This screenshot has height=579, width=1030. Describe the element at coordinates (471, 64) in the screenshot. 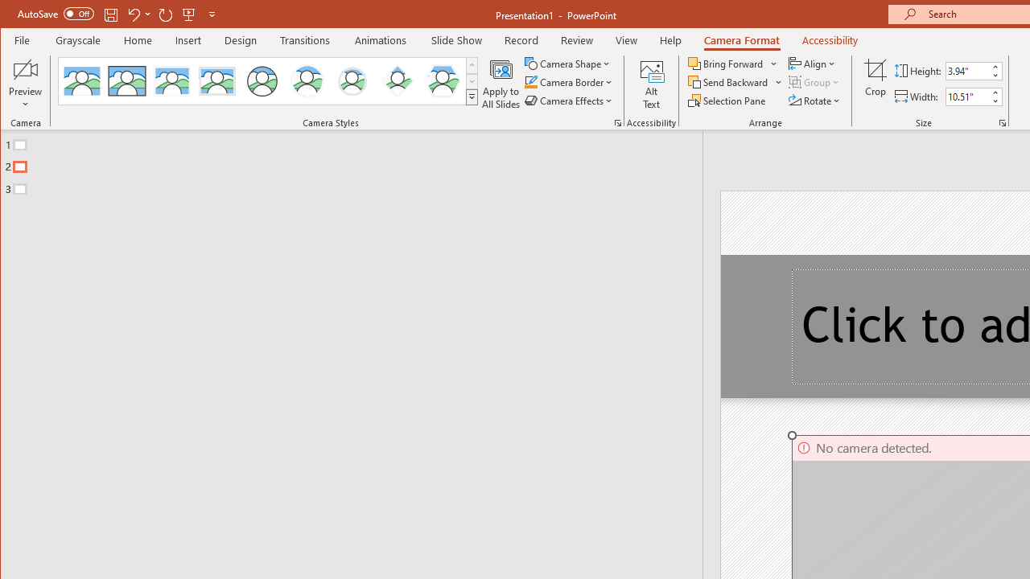

I see `'Row up'` at that location.